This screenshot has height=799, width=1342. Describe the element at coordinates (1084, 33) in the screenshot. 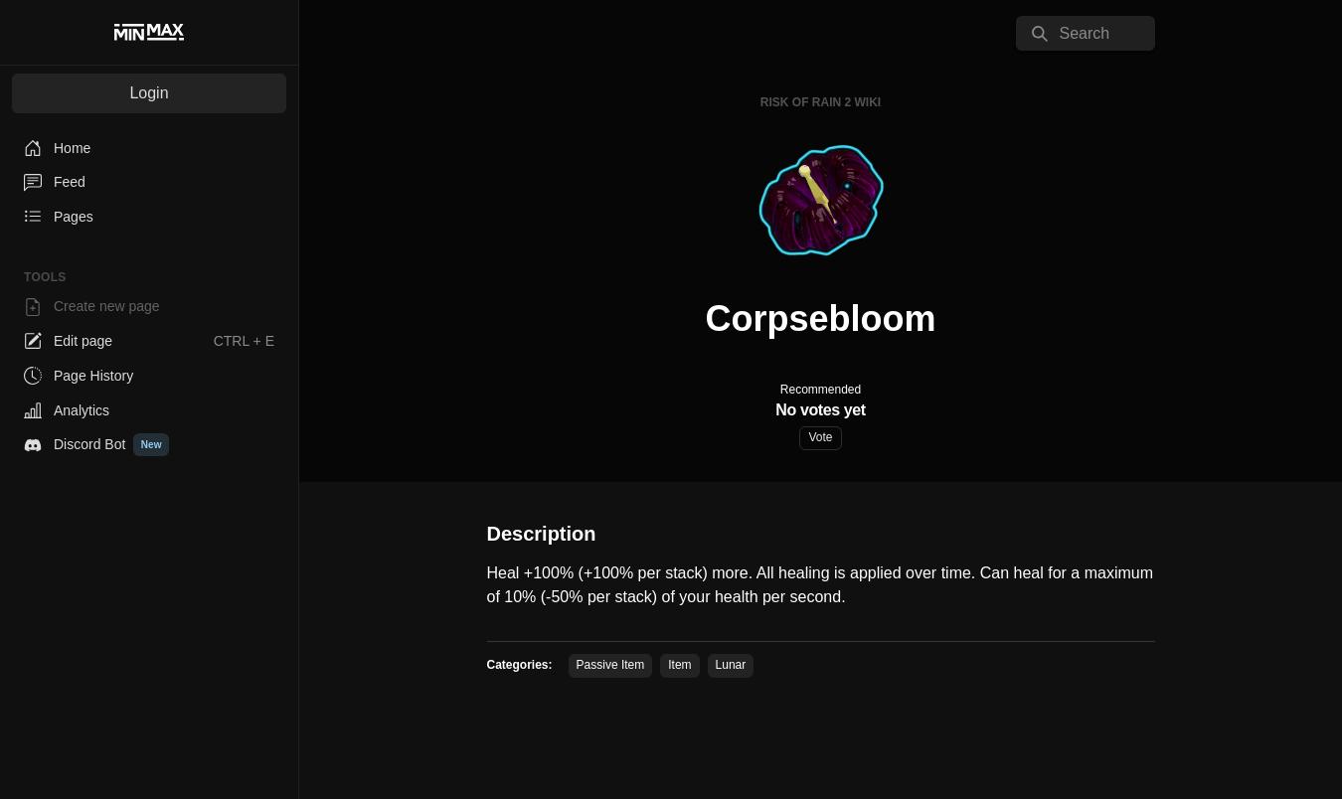

I see `'Search'` at that location.